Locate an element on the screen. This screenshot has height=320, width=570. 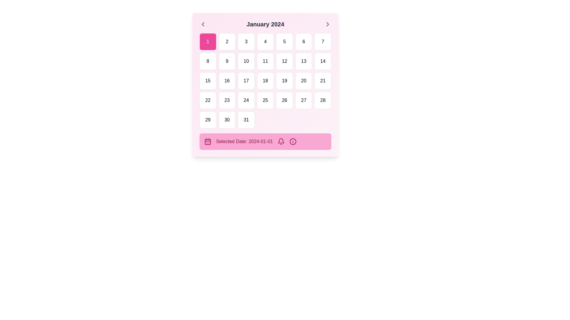
the button representing the date '18' in the calendar interface is located at coordinates (265, 81).